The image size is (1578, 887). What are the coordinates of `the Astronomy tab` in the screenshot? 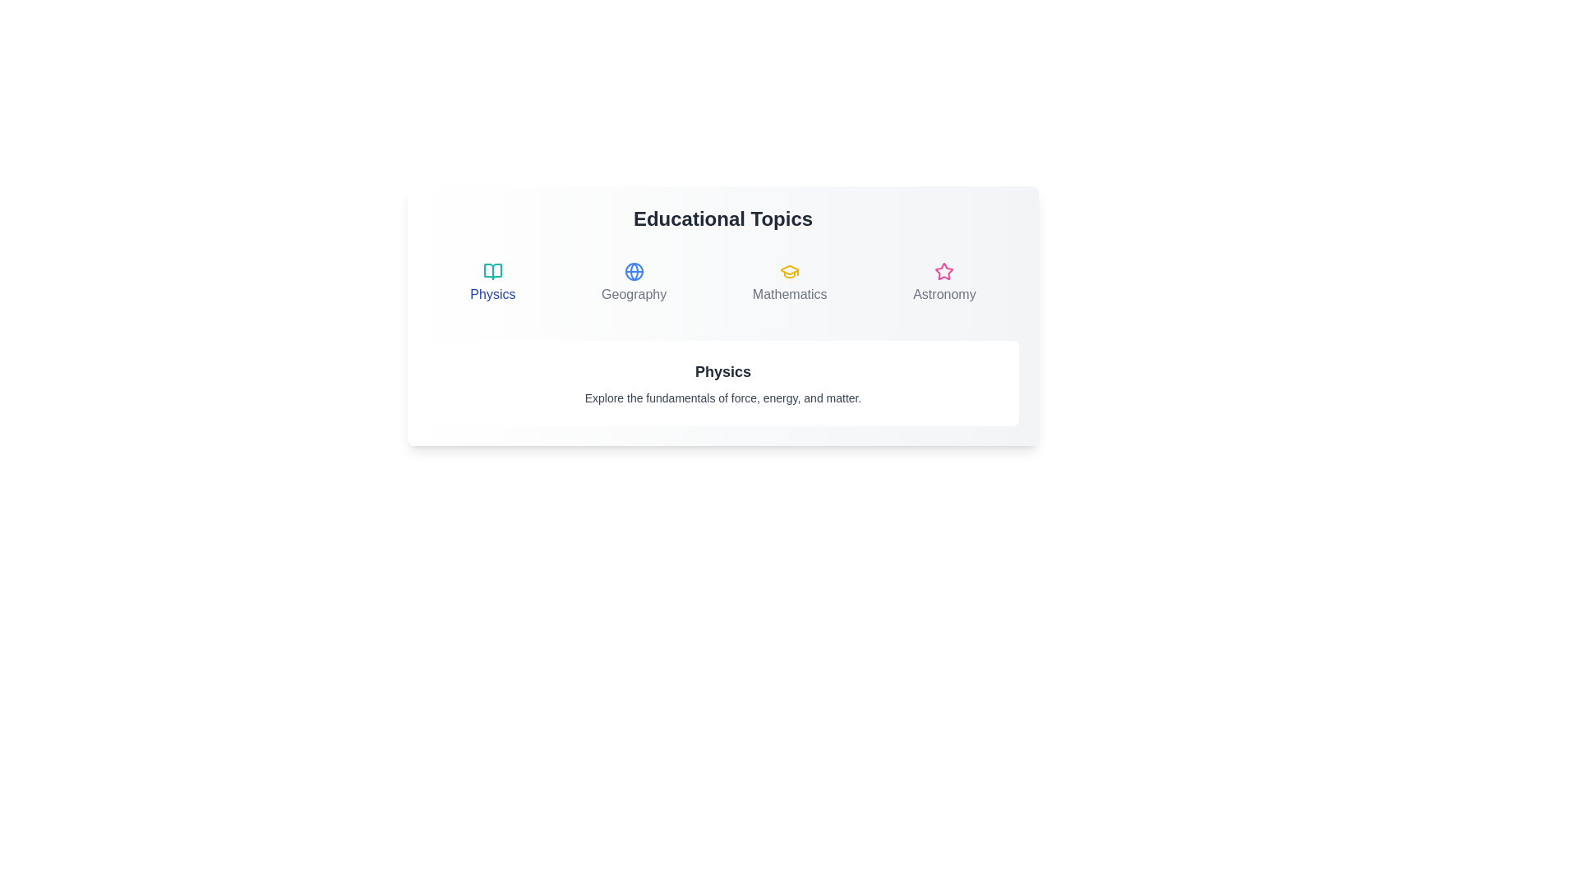 It's located at (944, 282).